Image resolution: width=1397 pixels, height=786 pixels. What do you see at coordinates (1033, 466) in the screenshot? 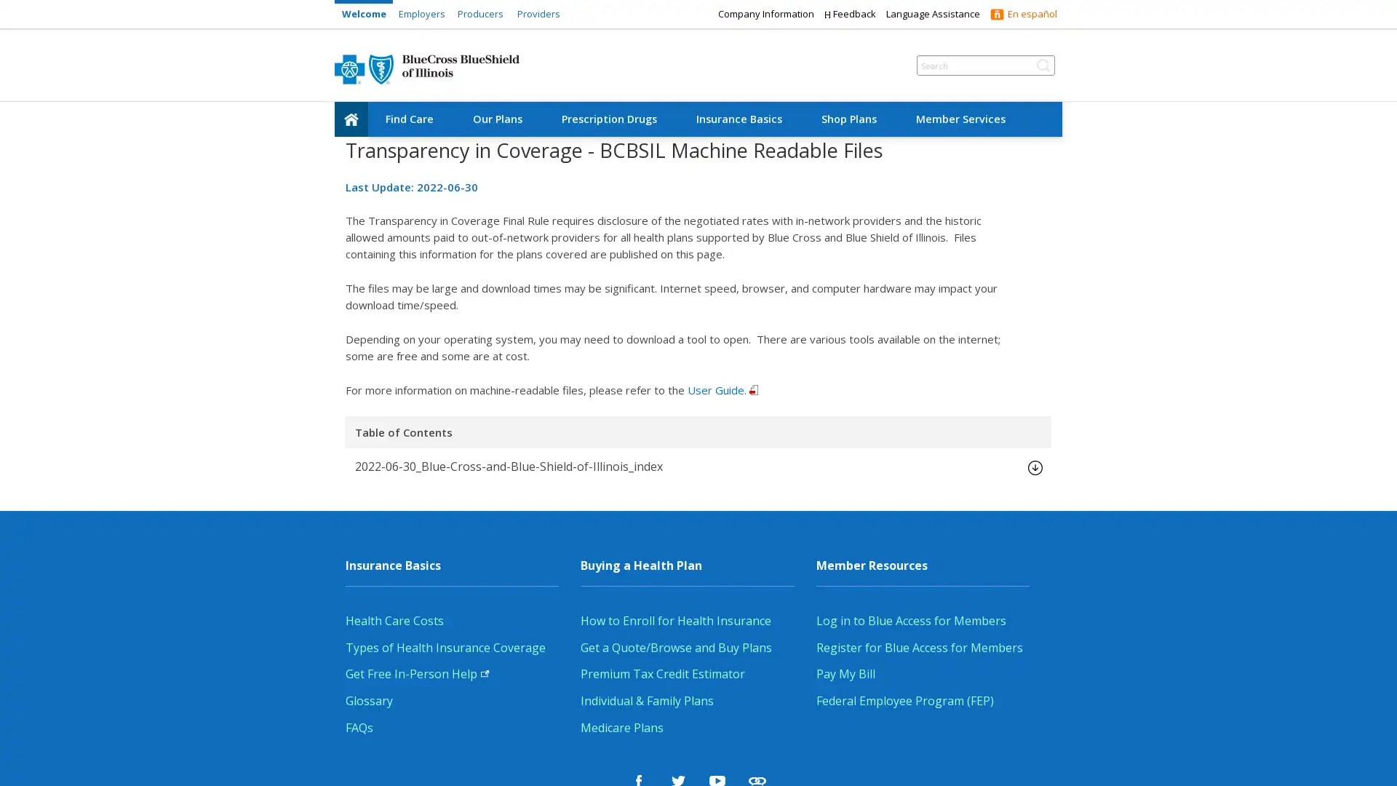
I see `Download` at bounding box center [1033, 466].